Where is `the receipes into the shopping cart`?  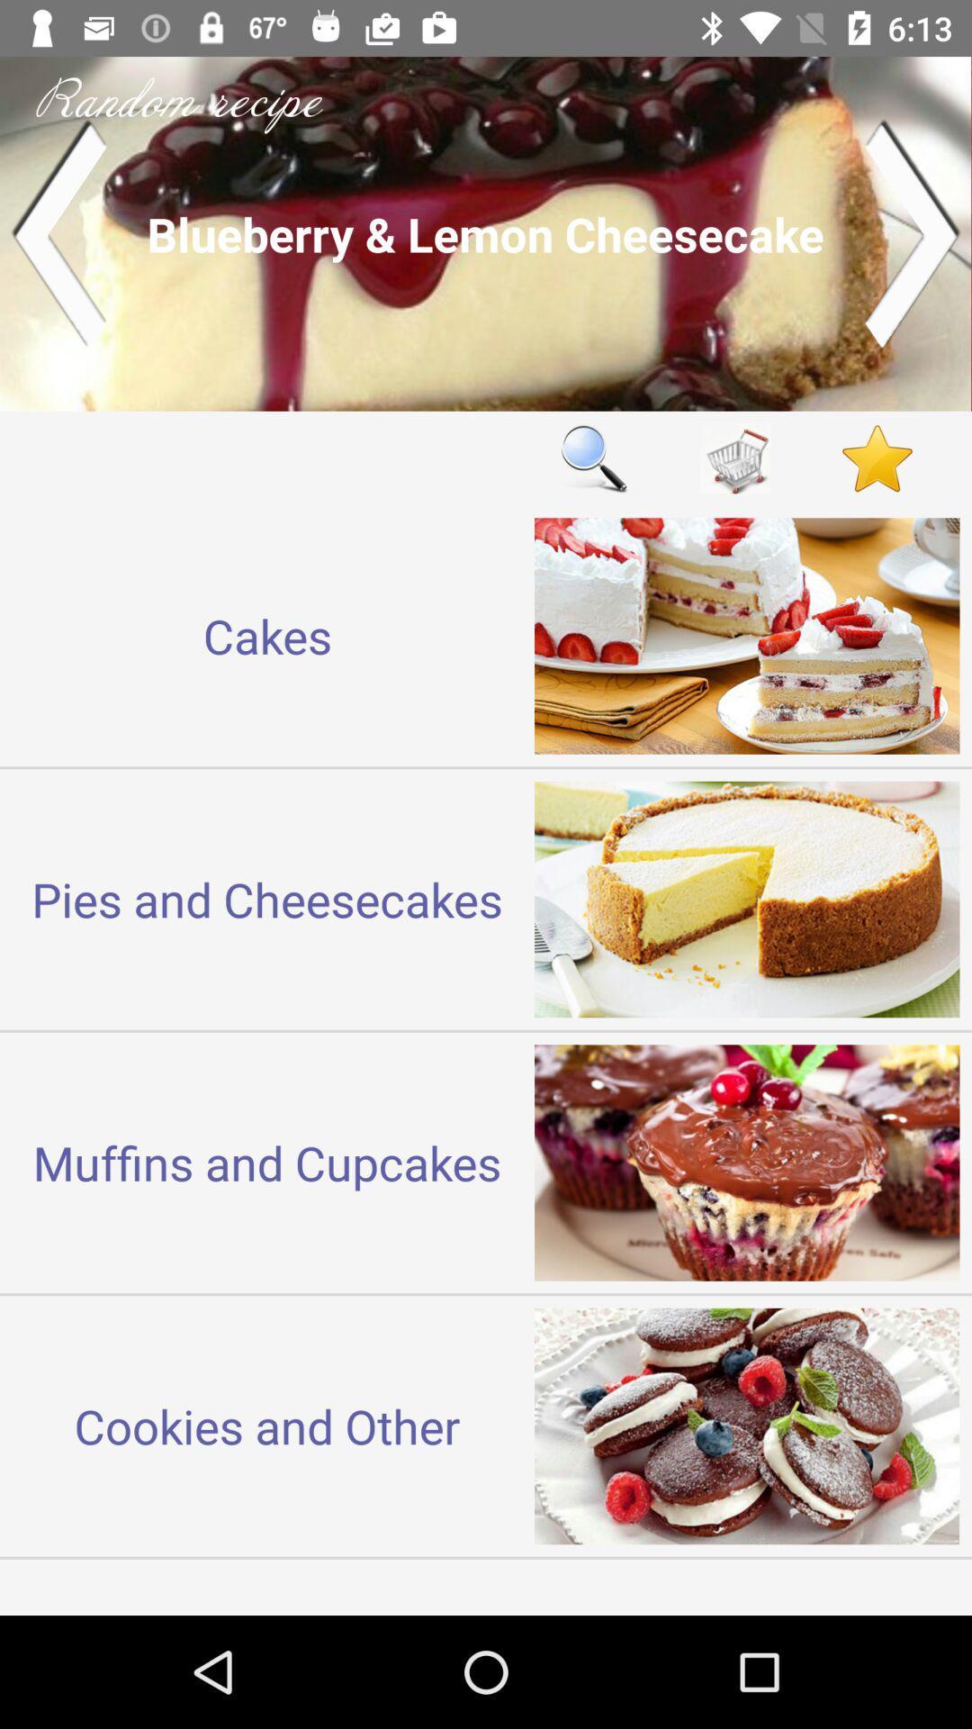 the receipes into the shopping cart is located at coordinates (735, 458).